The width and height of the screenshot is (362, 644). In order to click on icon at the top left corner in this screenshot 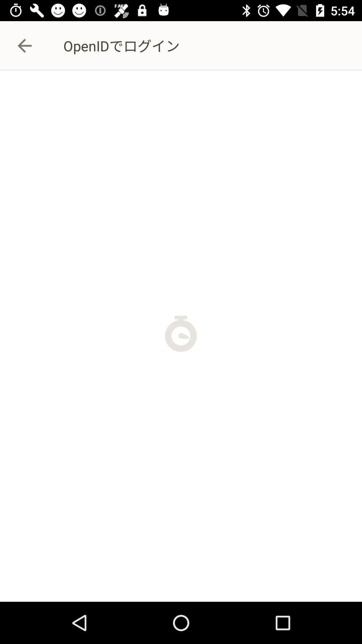, I will do `click(24, 45)`.